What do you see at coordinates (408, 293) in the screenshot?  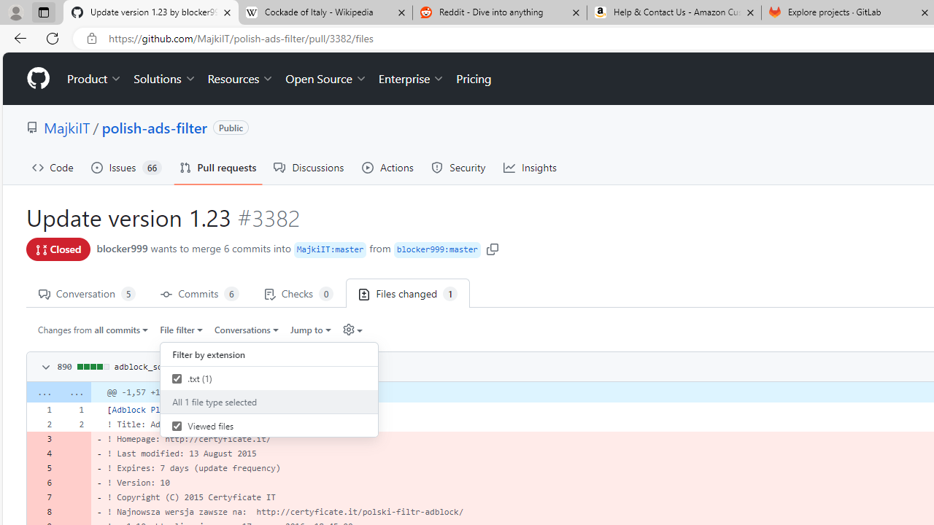 I see `' Files changed 1'` at bounding box center [408, 293].